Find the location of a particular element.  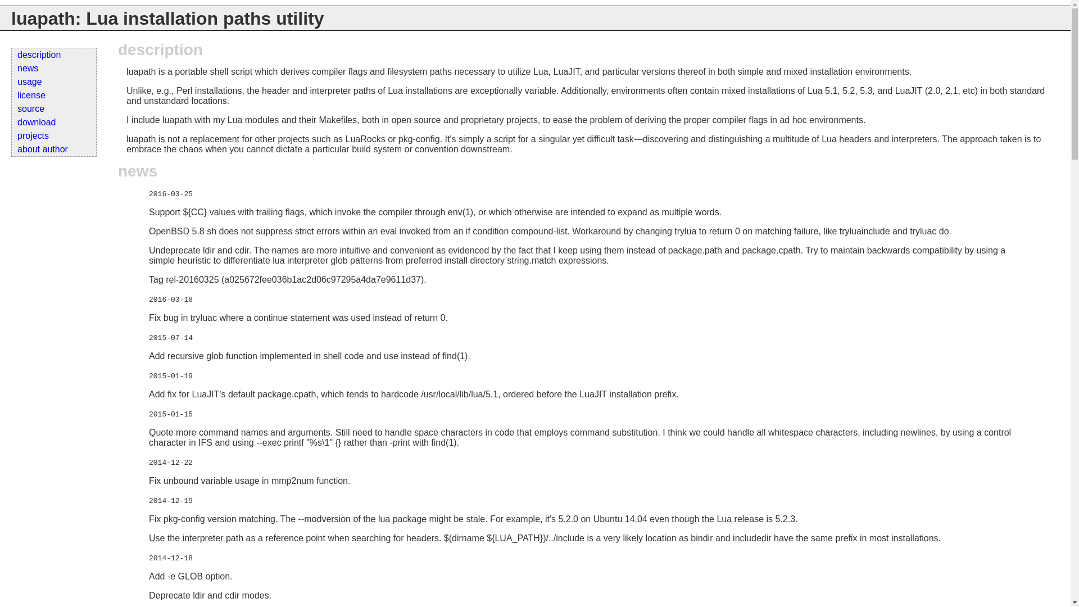

'description' is located at coordinates (53, 55).